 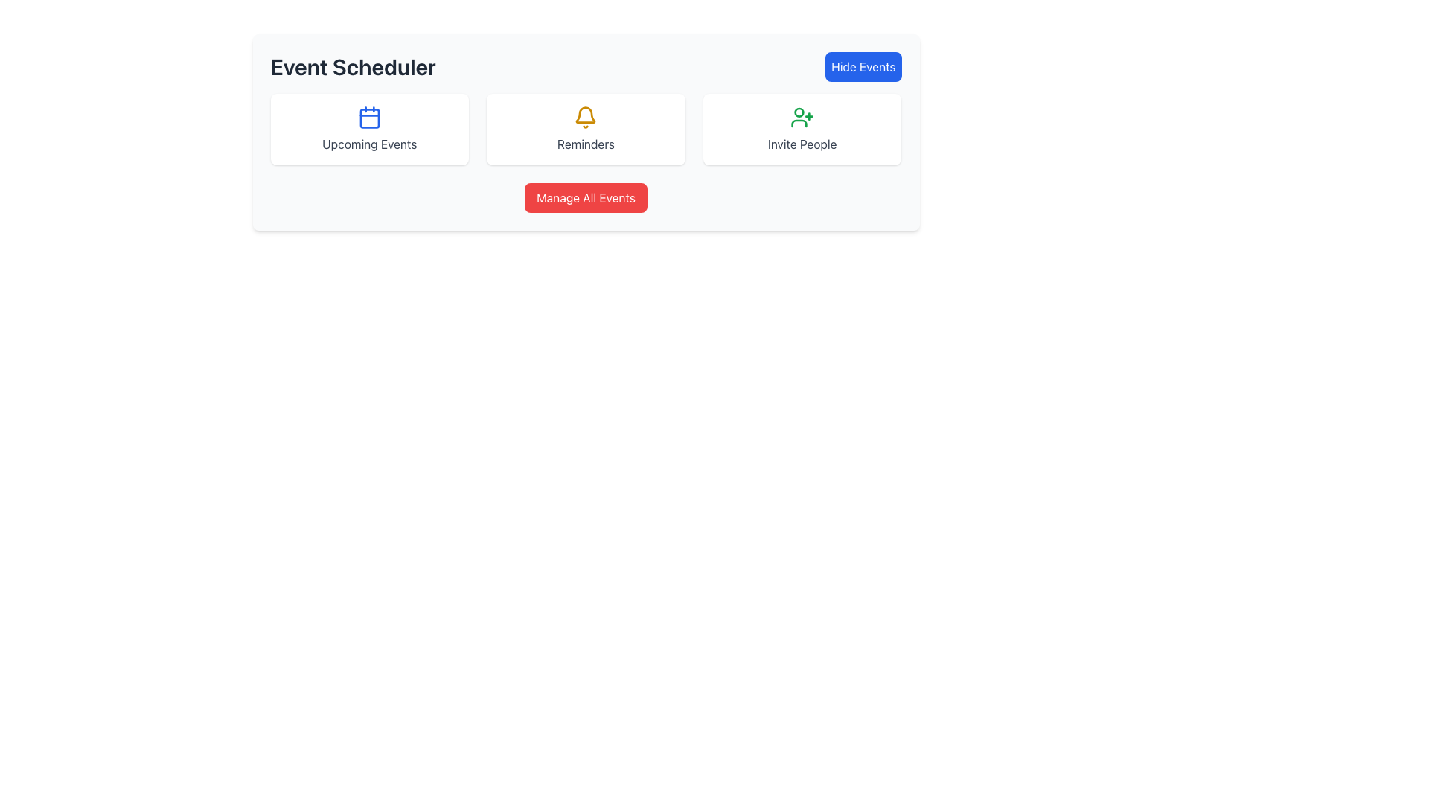 I want to click on the red button labeled 'Manage All Events' located centrally at the bottom of the main interface section, so click(x=585, y=197).